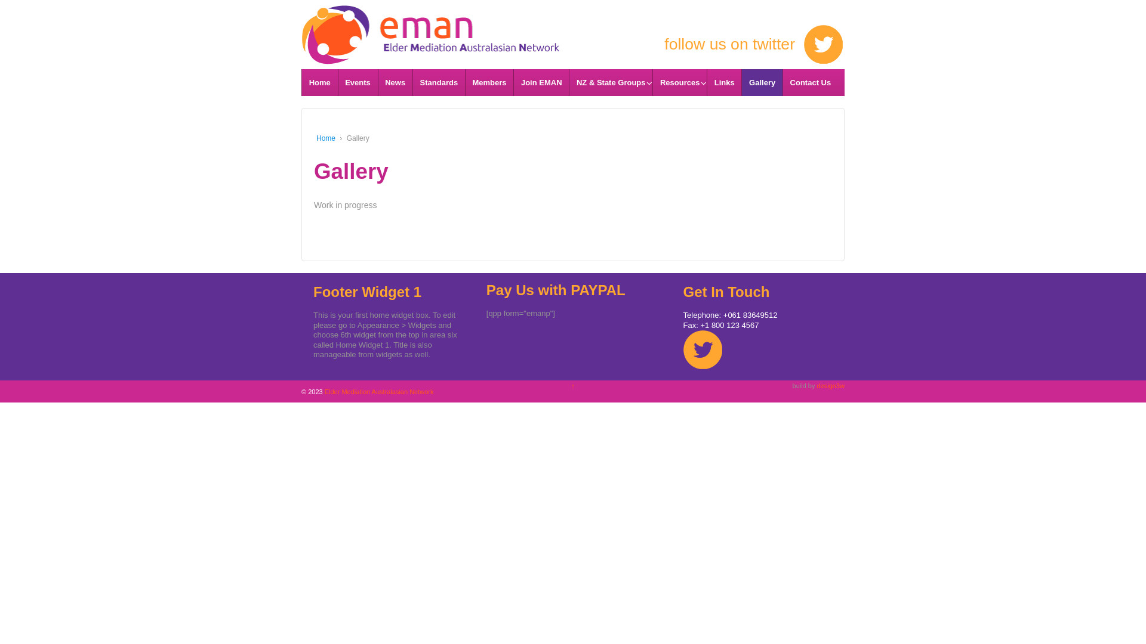 The height and width of the screenshot is (644, 1146). I want to click on 'Links', so click(723, 82).